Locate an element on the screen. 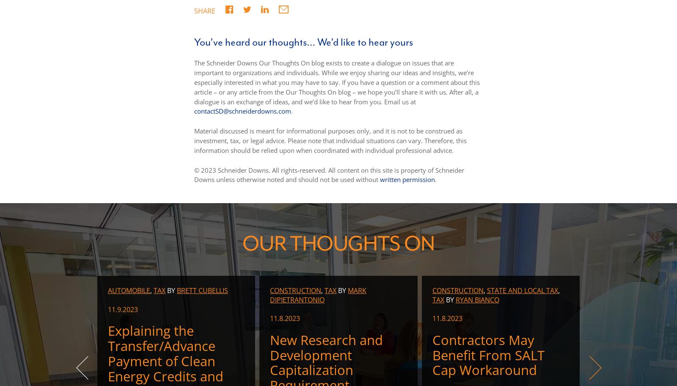  'Energy & Resources' is located at coordinates (630, 290).